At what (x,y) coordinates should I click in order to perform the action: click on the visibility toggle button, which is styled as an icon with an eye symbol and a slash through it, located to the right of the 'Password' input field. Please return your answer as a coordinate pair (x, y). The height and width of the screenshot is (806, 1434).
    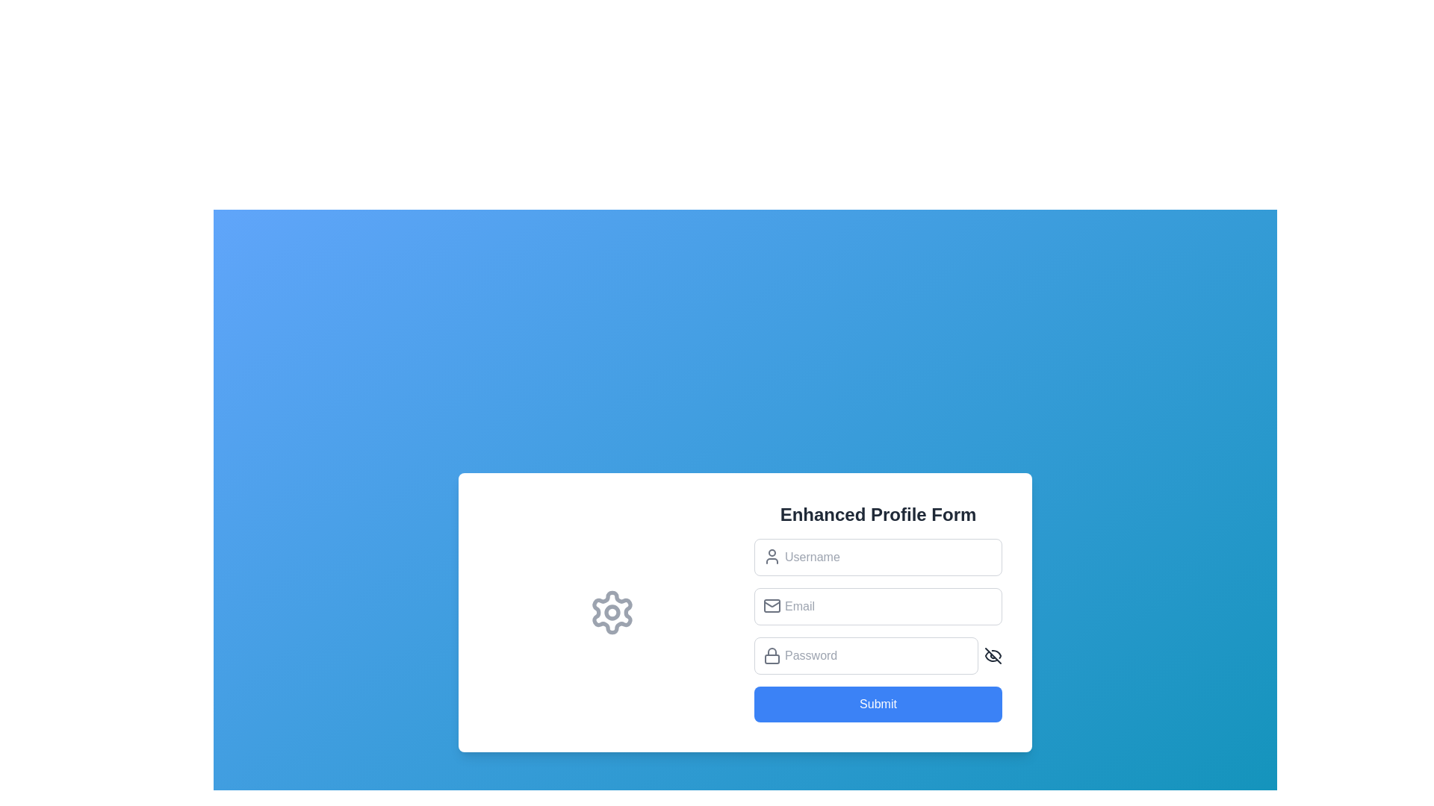
    Looking at the image, I should click on (993, 655).